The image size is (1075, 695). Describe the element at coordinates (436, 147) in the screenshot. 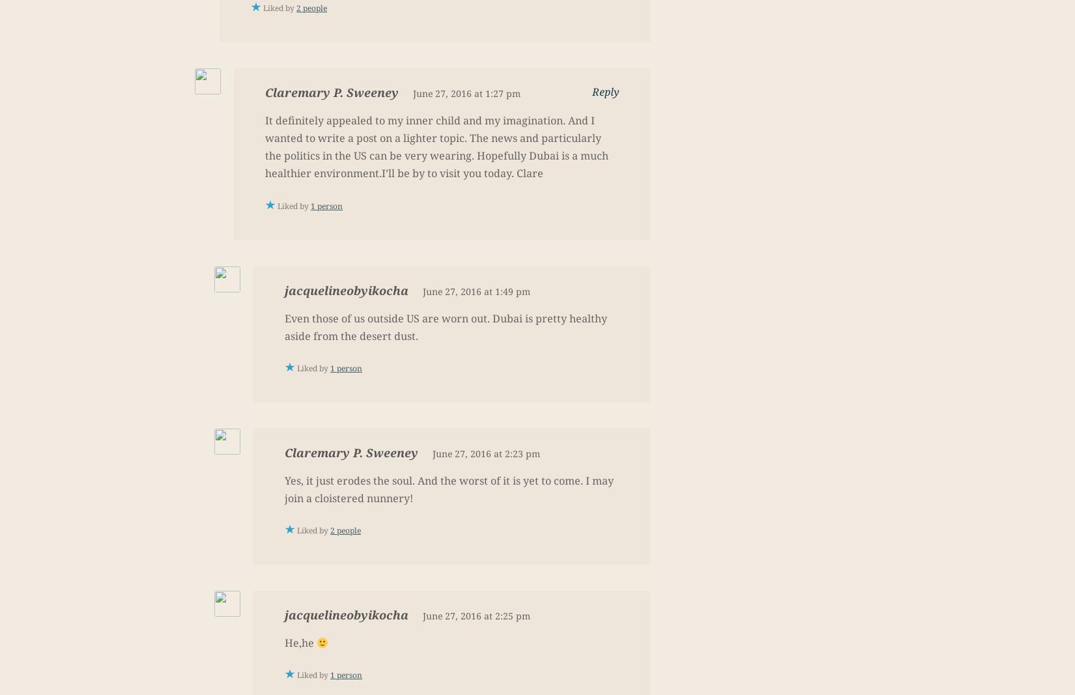

I see `'It definitely appealed to my inner child and my imagination. And I wanted to write a post on a lighter topic. The news and particularly the politics in the US can be very wearing. Hopefully Dubai is a much healthier environment.I’ll be by to visit you today.  Clare'` at that location.